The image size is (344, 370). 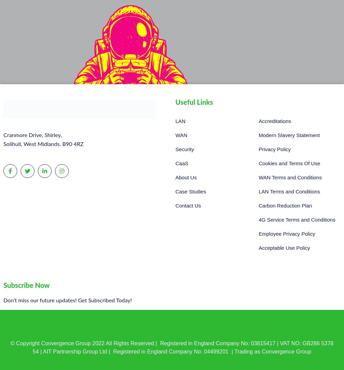 What do you see at coordinates (289, 163) in the screenshot?
I see `'Cookies and Terms Of Use'` at bounding box center [289, 163].